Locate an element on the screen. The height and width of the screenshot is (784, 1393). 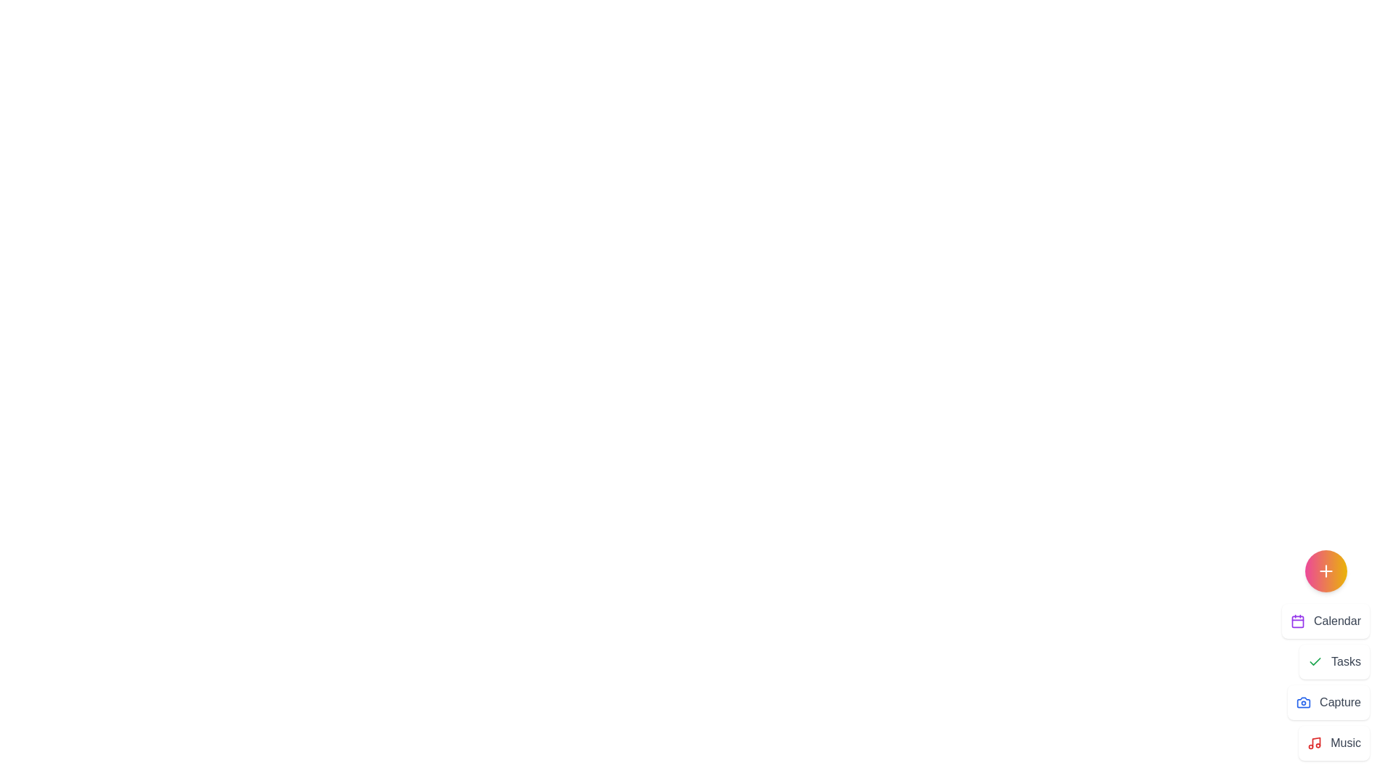
the menu item labeled Tasks to view its hover effect is located at coordinates (1334, 661).